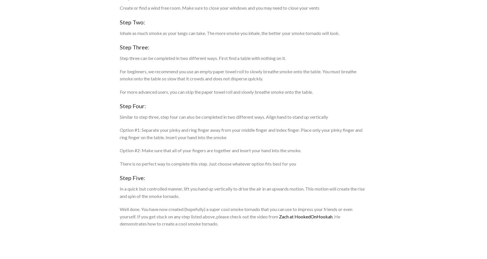 The width and height of the screenshot is (487, 259). Describe the element at coordinates (119, 105) in the screenshot. I see `'Step Four:'` at that location.